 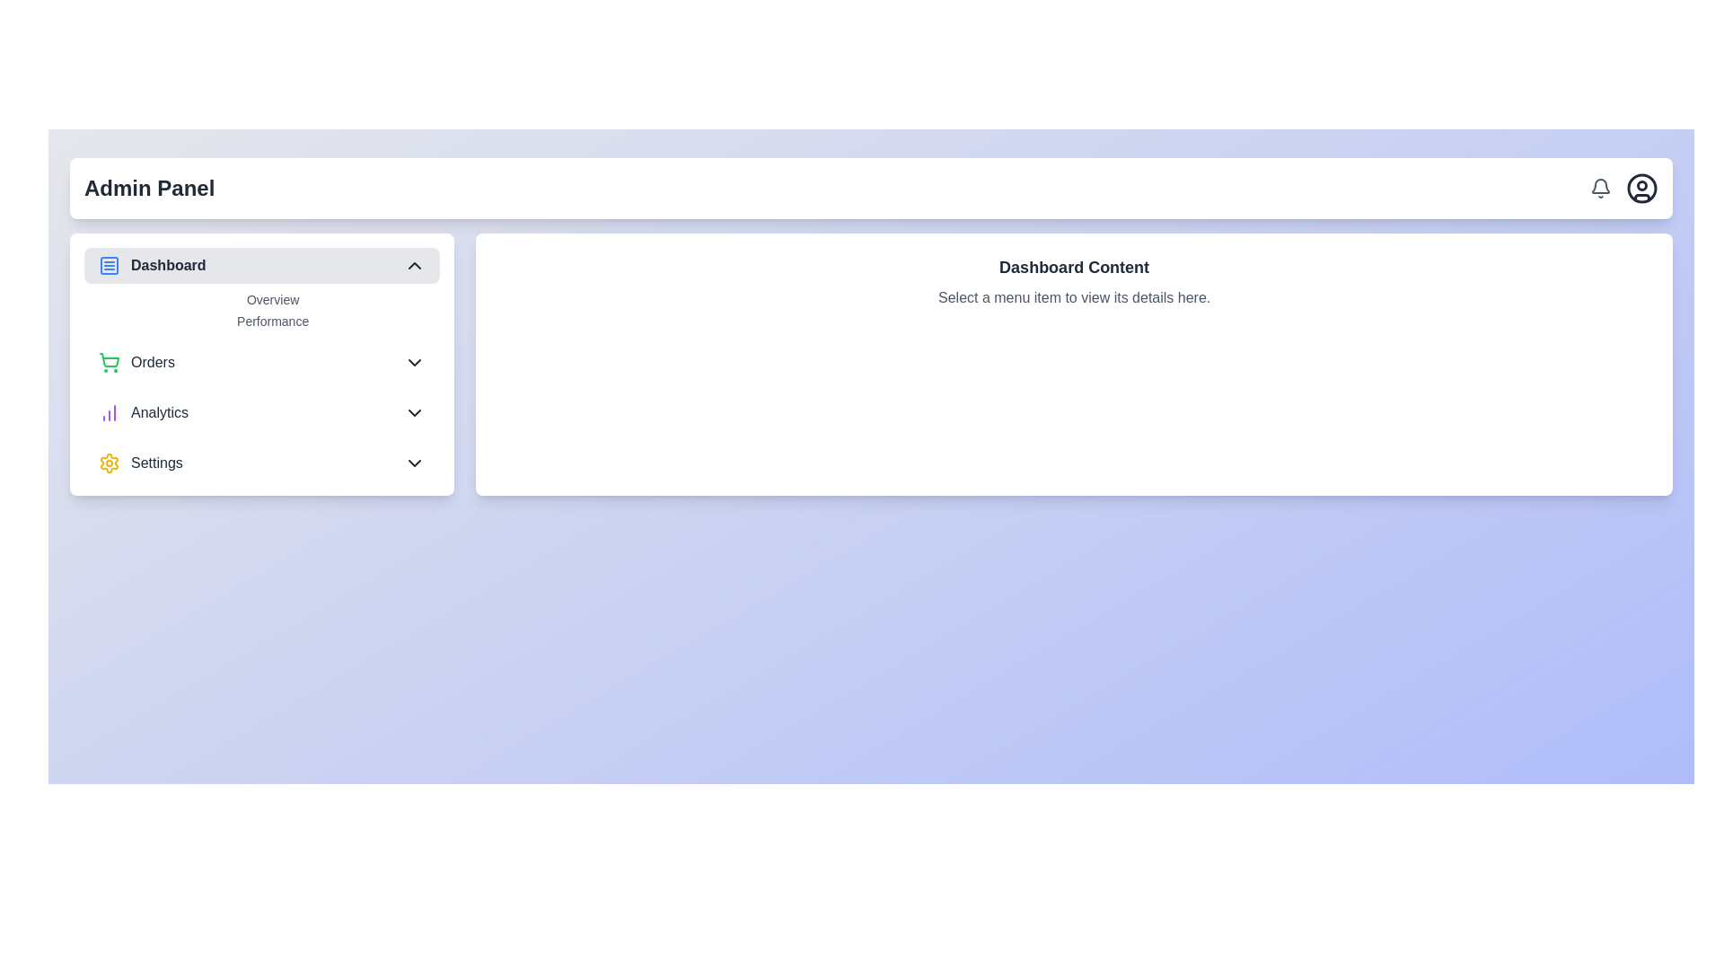 What do you see at coordinates (149, 188) in the screenshot?
I see `the 'Admin Panel' text label located in the upper left corner of the interface` at bounding box center [149, 188].